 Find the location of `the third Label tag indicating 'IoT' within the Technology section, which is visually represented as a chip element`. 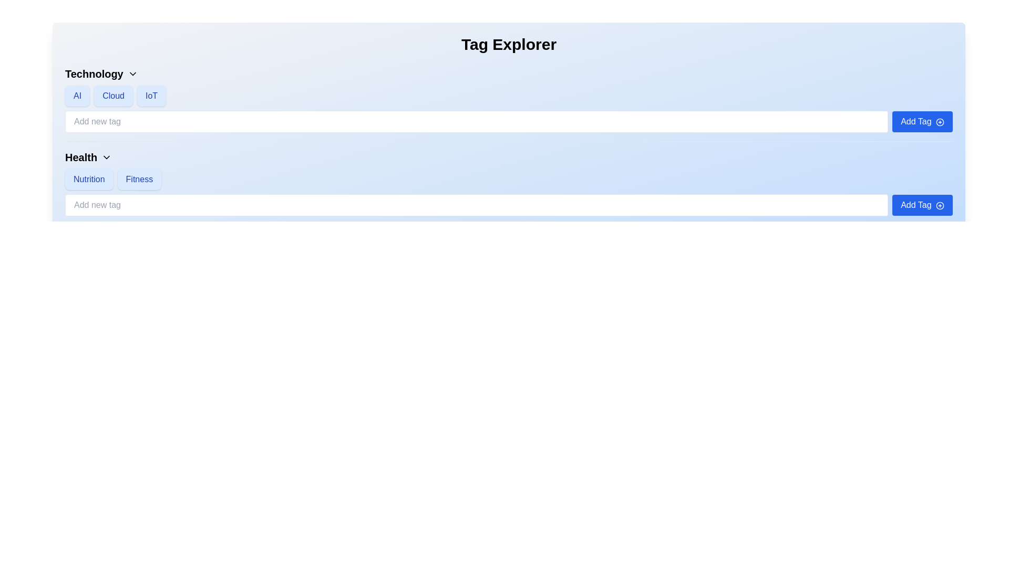

the third Label tag indicating 'IoT' within the Technology section, which is visually represented as a chip element is located at coordinates (151, 96).